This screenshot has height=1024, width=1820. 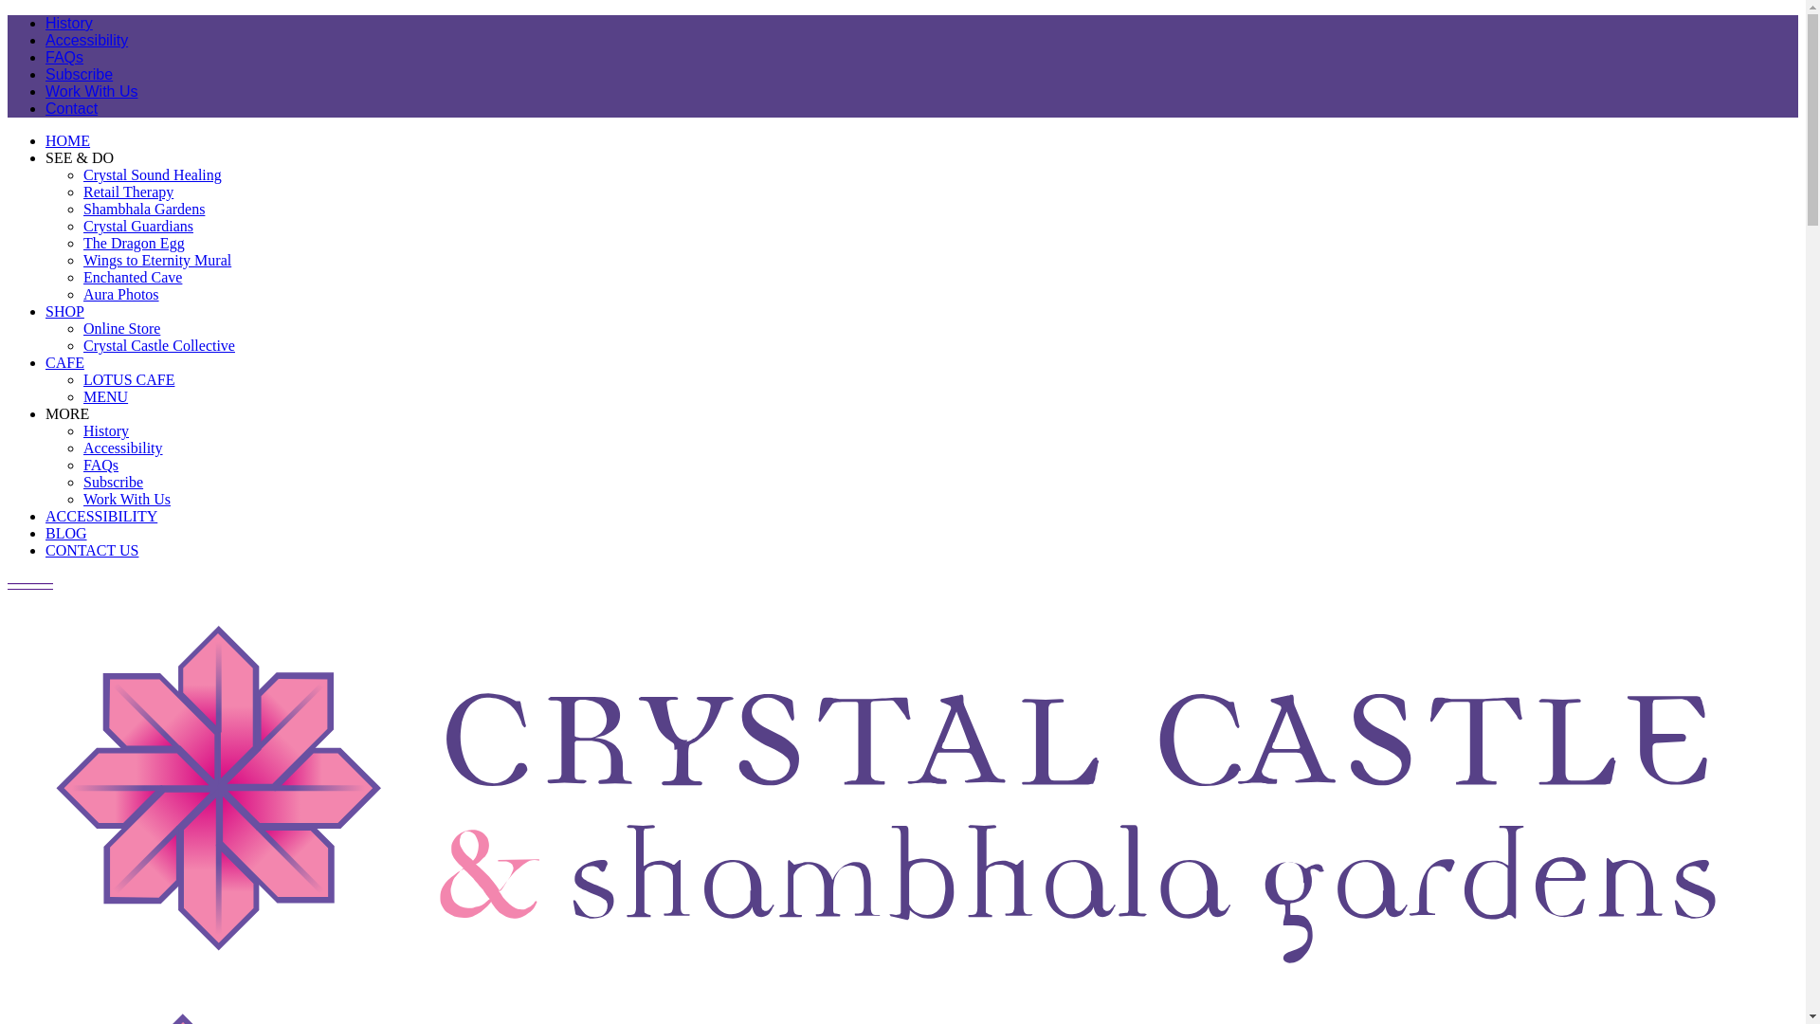 What do you see at coordinates (85, 40) in the screenshot?
I see `'Accessibility'` at bounding box center [85, 40].